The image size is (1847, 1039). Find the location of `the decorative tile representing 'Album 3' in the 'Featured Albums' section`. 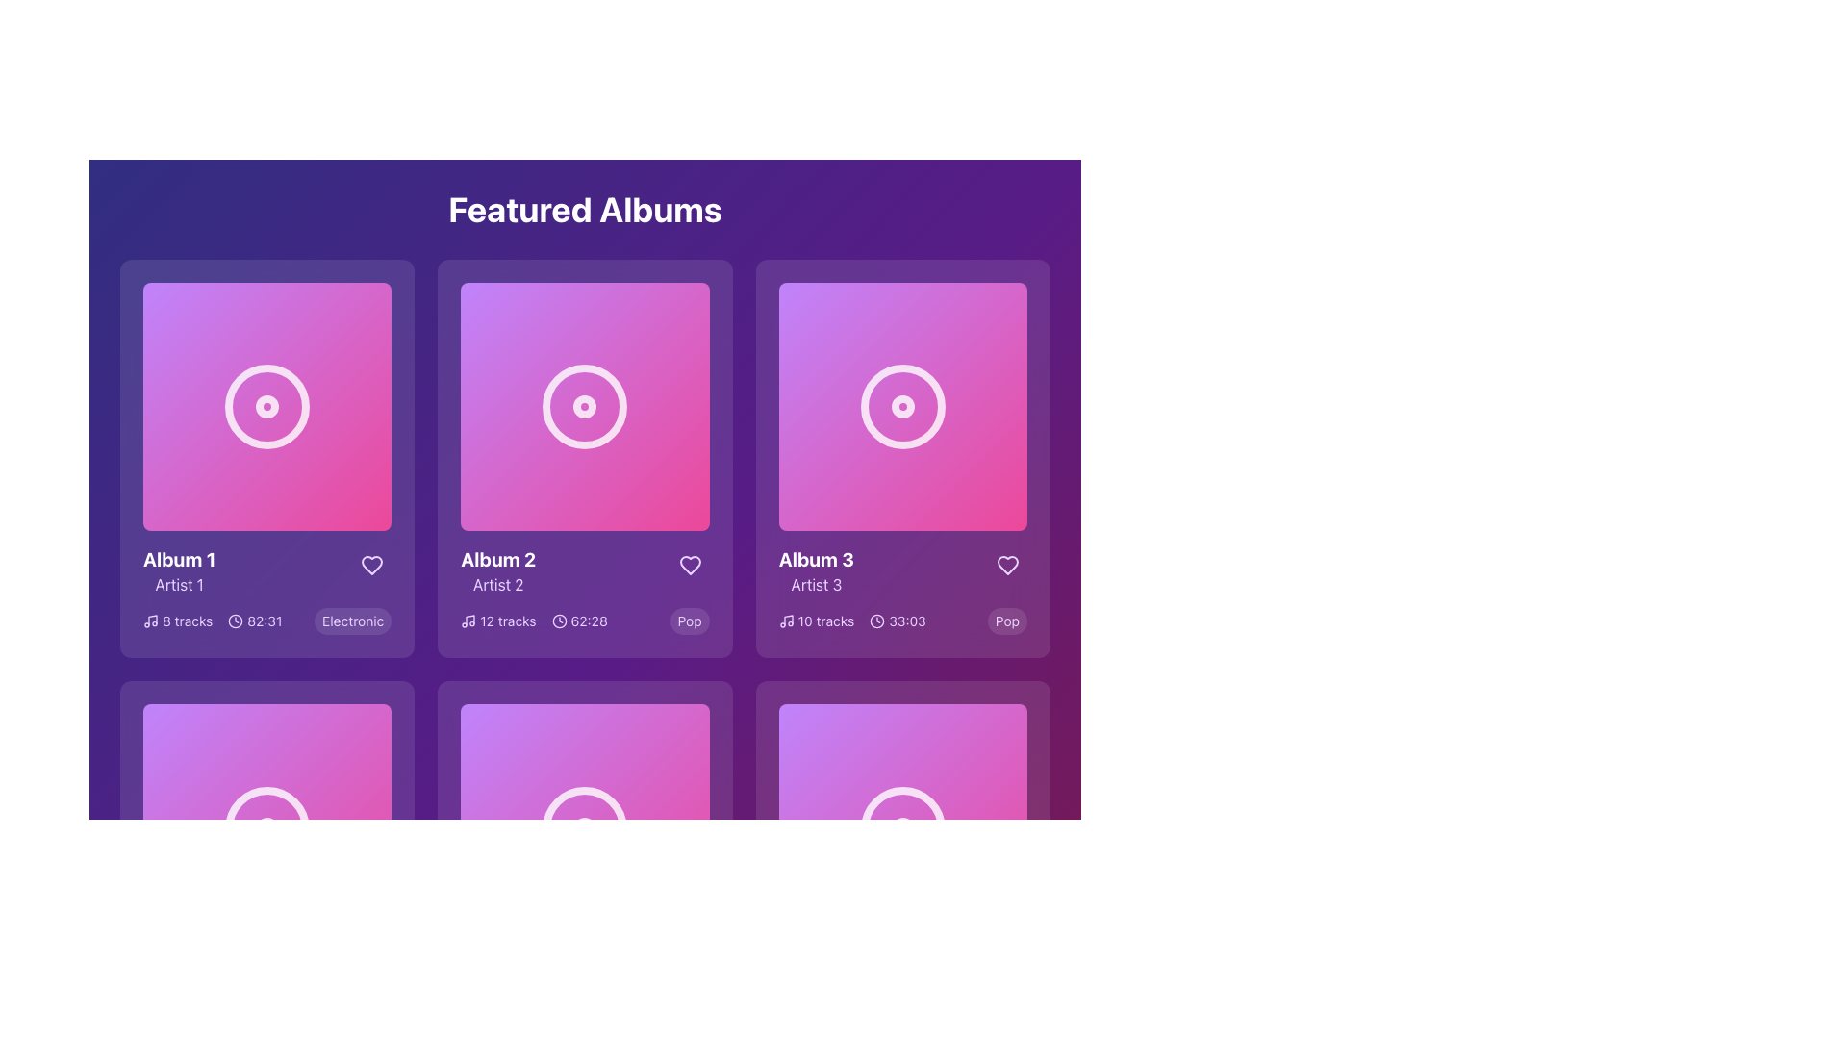

the decorative tile representing 'Album 3' in the 'Featured Albums' section is located at coordinates (901, 406).